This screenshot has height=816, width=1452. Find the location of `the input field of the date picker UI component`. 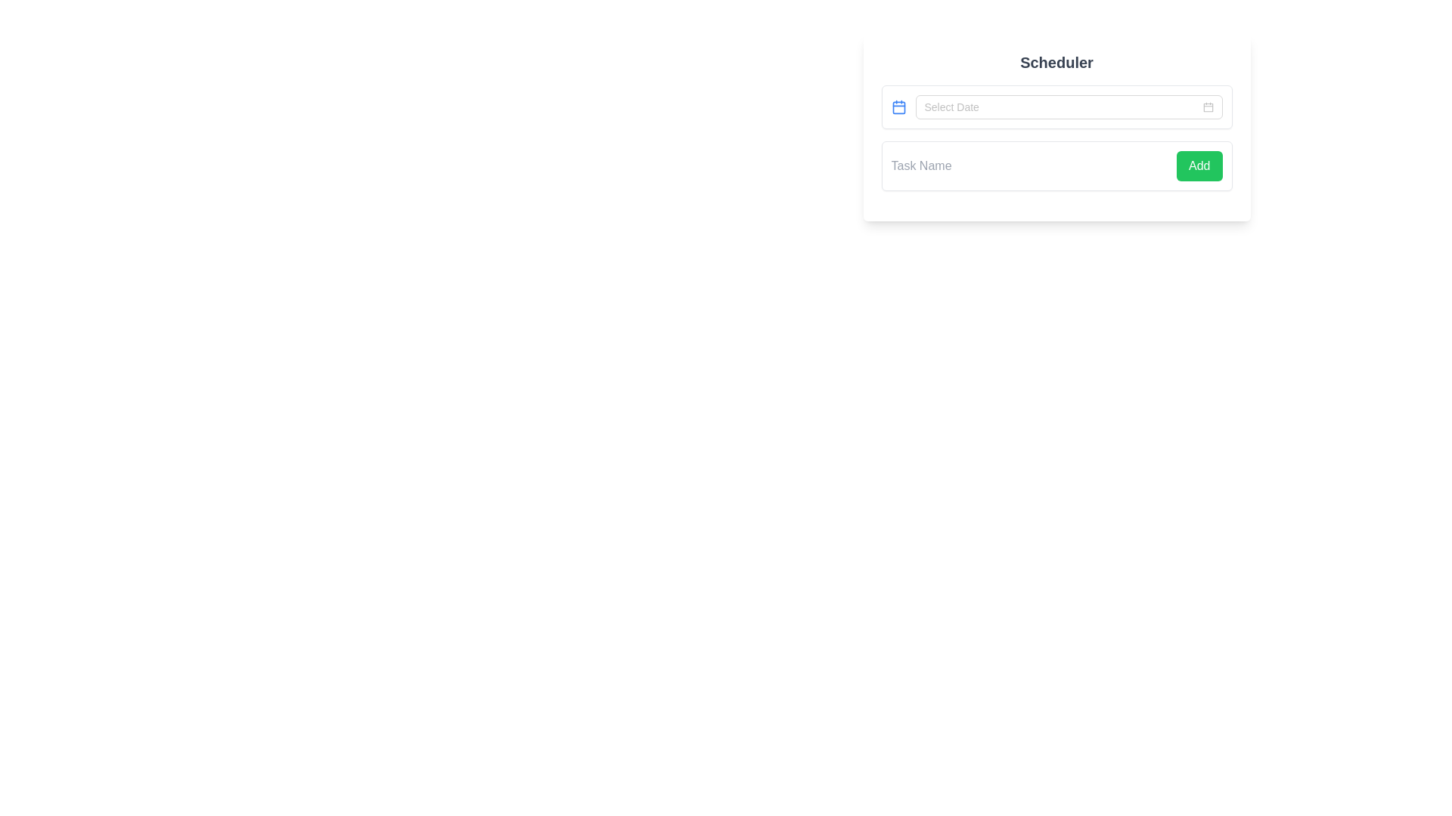

the input field of the date picker UI component is located at coordinates (1056, 107).